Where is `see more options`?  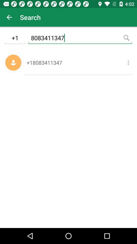 see more options is located at coordinates (128, 62).